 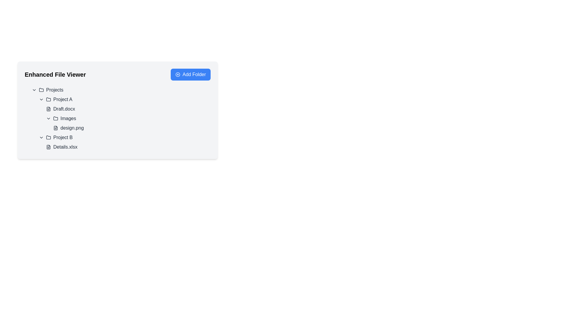 I want to click on the text label representing the file named 'Details.xlsx' located under the 'Project B' folder, so click(x=65, y=147).